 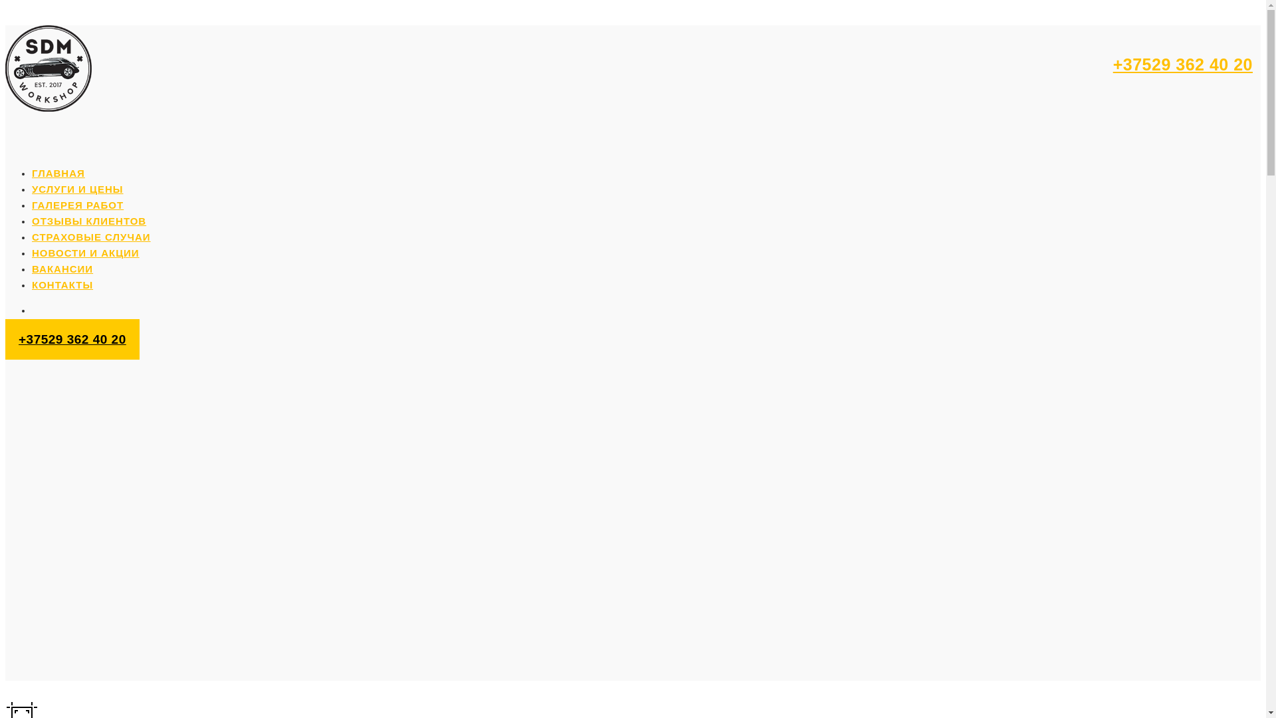 What do you see at coordinates (72, 338) in the screenshot?
I see `'+37529 362 40 20'` at bounding box center [72, 338].